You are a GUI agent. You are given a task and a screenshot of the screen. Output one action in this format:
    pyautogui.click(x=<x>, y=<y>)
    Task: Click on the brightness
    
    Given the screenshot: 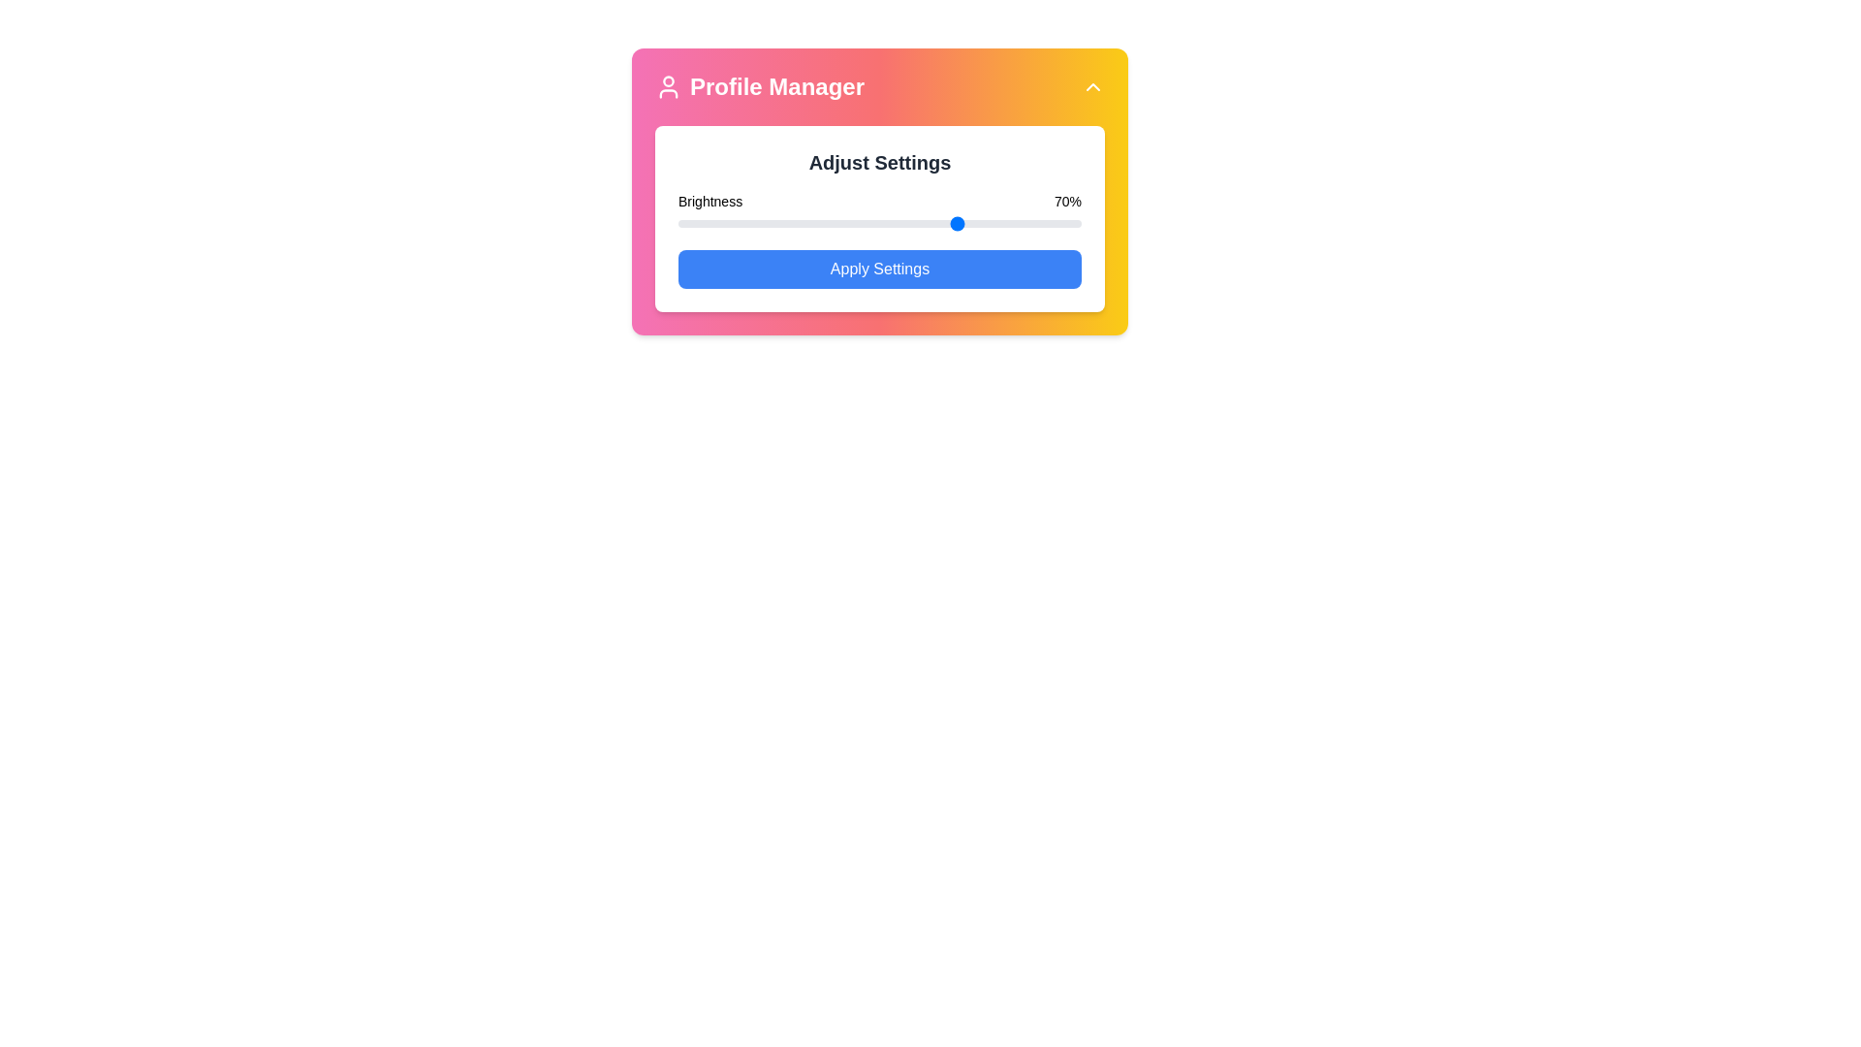 What is the action you would take?
    pyautogui.click(x=1000, y=223)
    